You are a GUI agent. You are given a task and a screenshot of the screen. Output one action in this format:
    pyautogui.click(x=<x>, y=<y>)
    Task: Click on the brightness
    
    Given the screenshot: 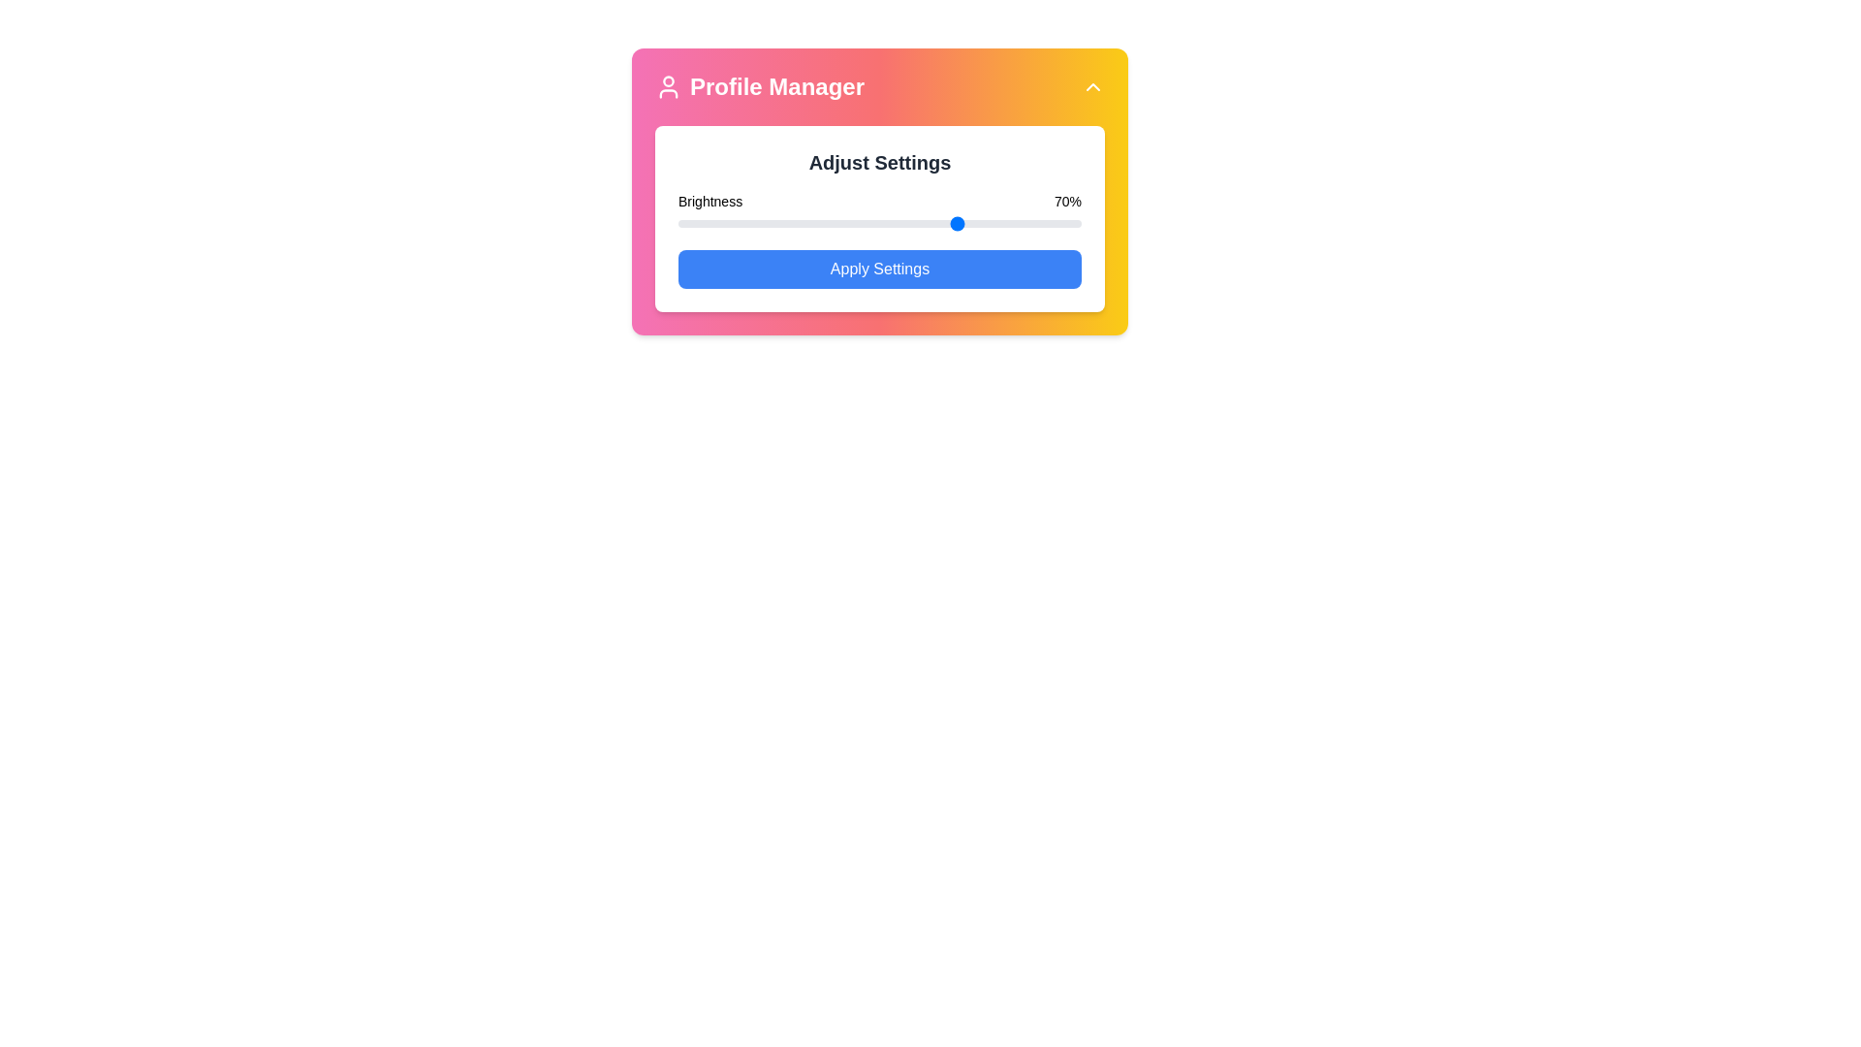 What is the action you would take?
    pyautogui.click(x=1000, y=223)
    